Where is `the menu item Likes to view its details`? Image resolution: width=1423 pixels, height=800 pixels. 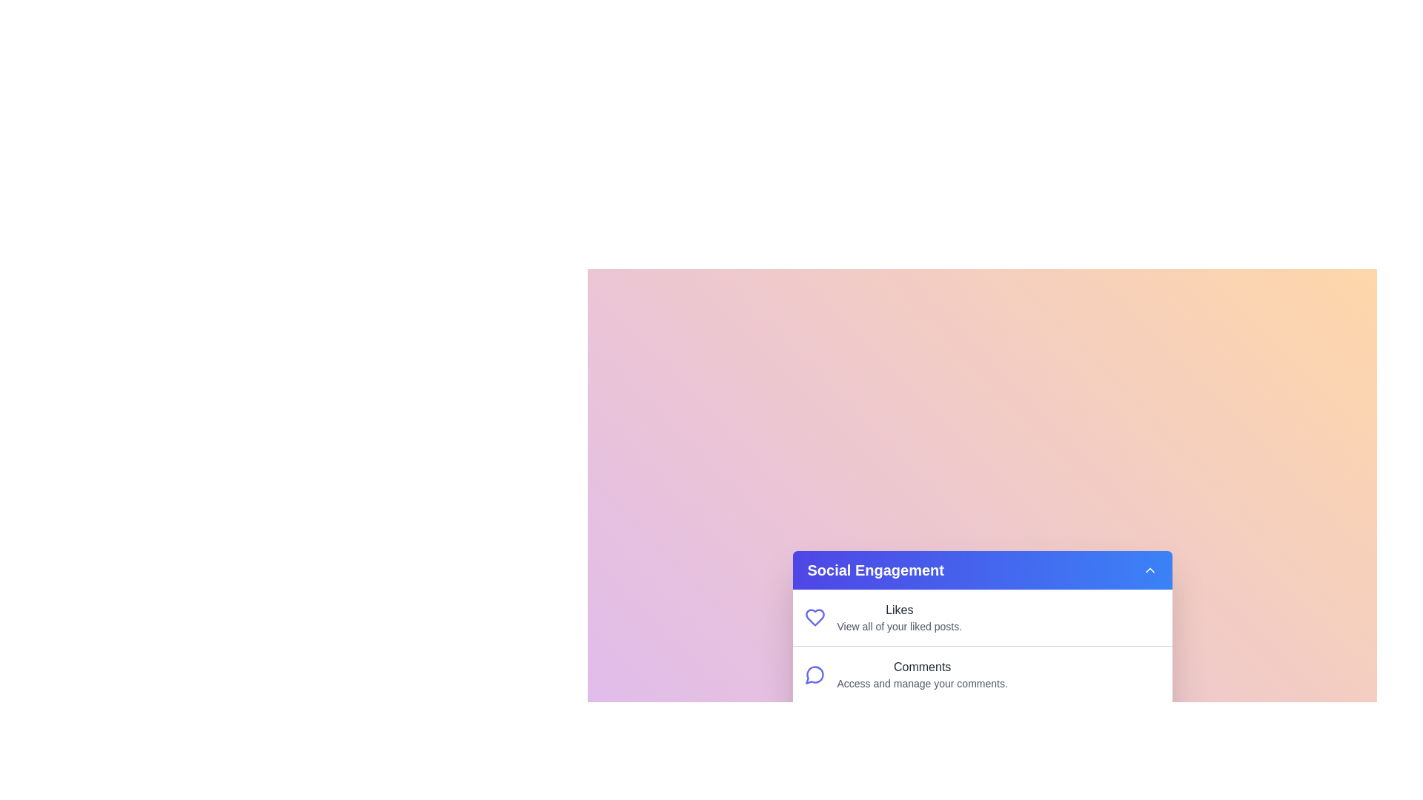
the menu item Likes to view its details is located at coordinates (898, 617).